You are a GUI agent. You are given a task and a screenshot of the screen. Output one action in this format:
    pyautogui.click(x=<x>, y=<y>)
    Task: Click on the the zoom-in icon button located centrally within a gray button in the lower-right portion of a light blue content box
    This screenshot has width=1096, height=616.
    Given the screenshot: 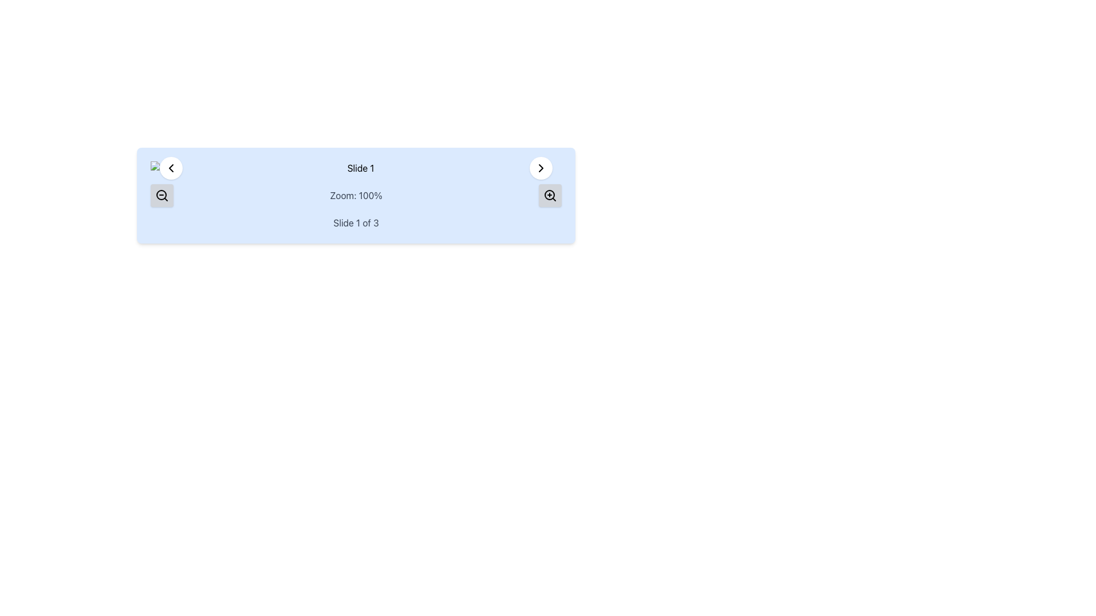 What is the action you would take?
    pyautogui.click(x=550, y=195)
    